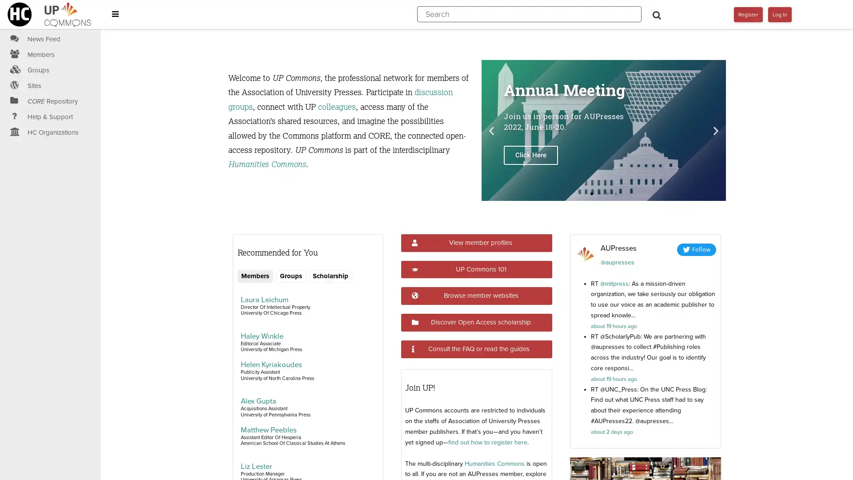  What do you see at coordinates (599, 193) in the screenshot?
I see `Go to slide 2` at bounding box center [599, 193].